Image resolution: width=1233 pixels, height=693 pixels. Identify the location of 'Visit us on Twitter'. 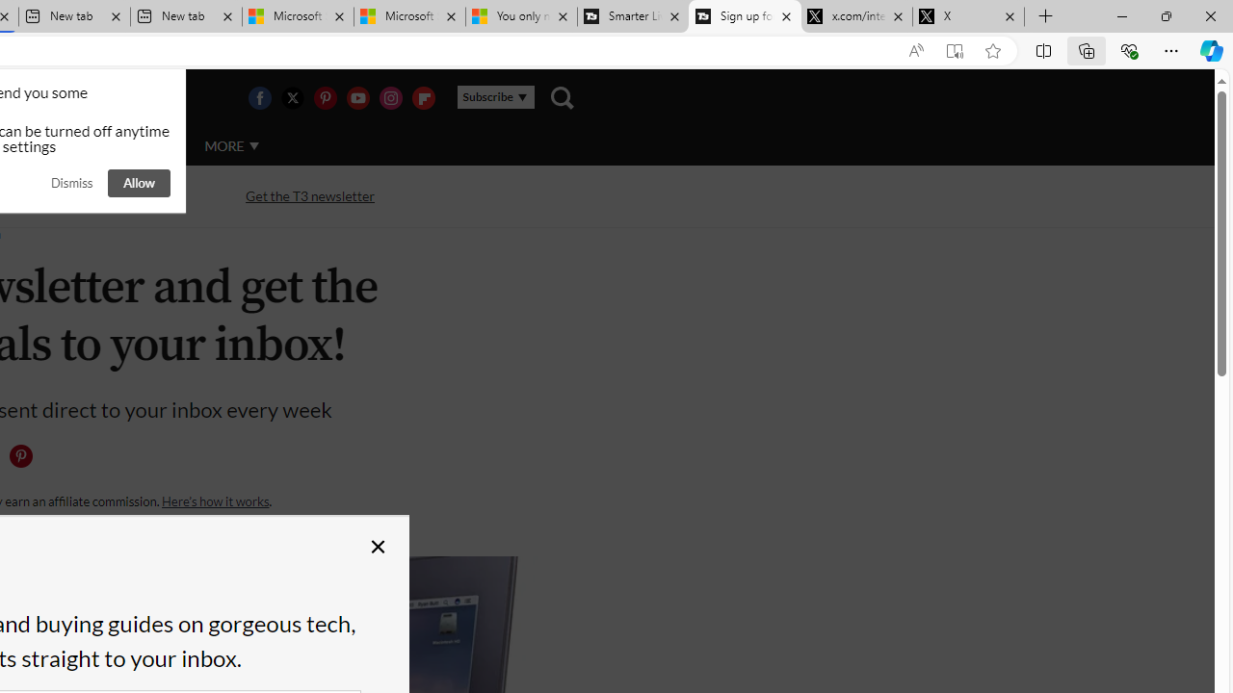
(291, 97).